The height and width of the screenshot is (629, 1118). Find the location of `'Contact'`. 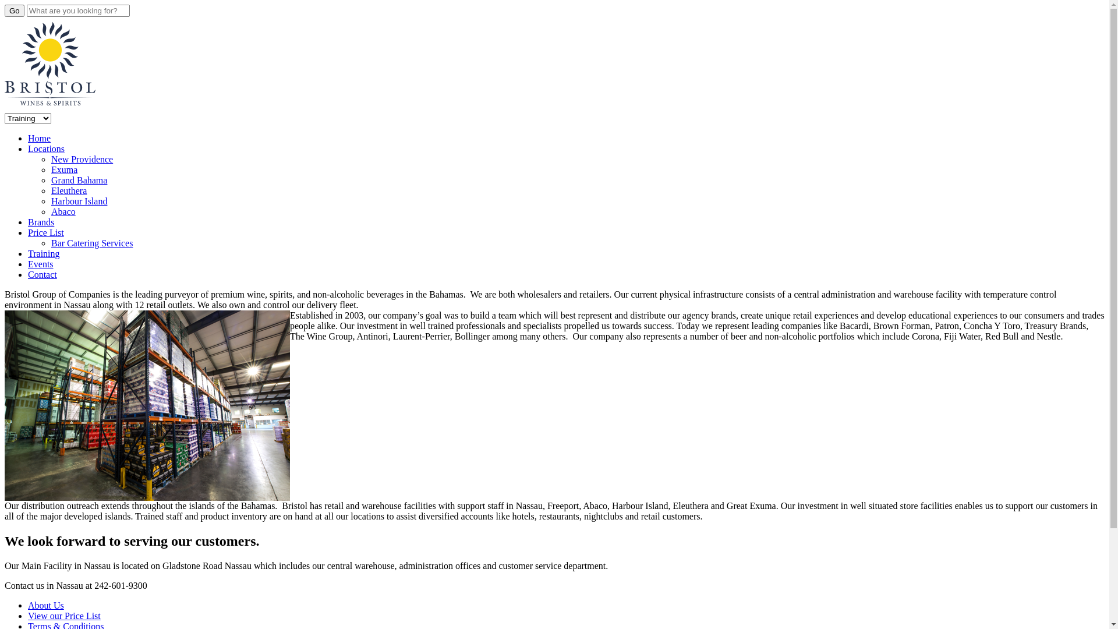

'Contact' is located at coordinates (42, 274).